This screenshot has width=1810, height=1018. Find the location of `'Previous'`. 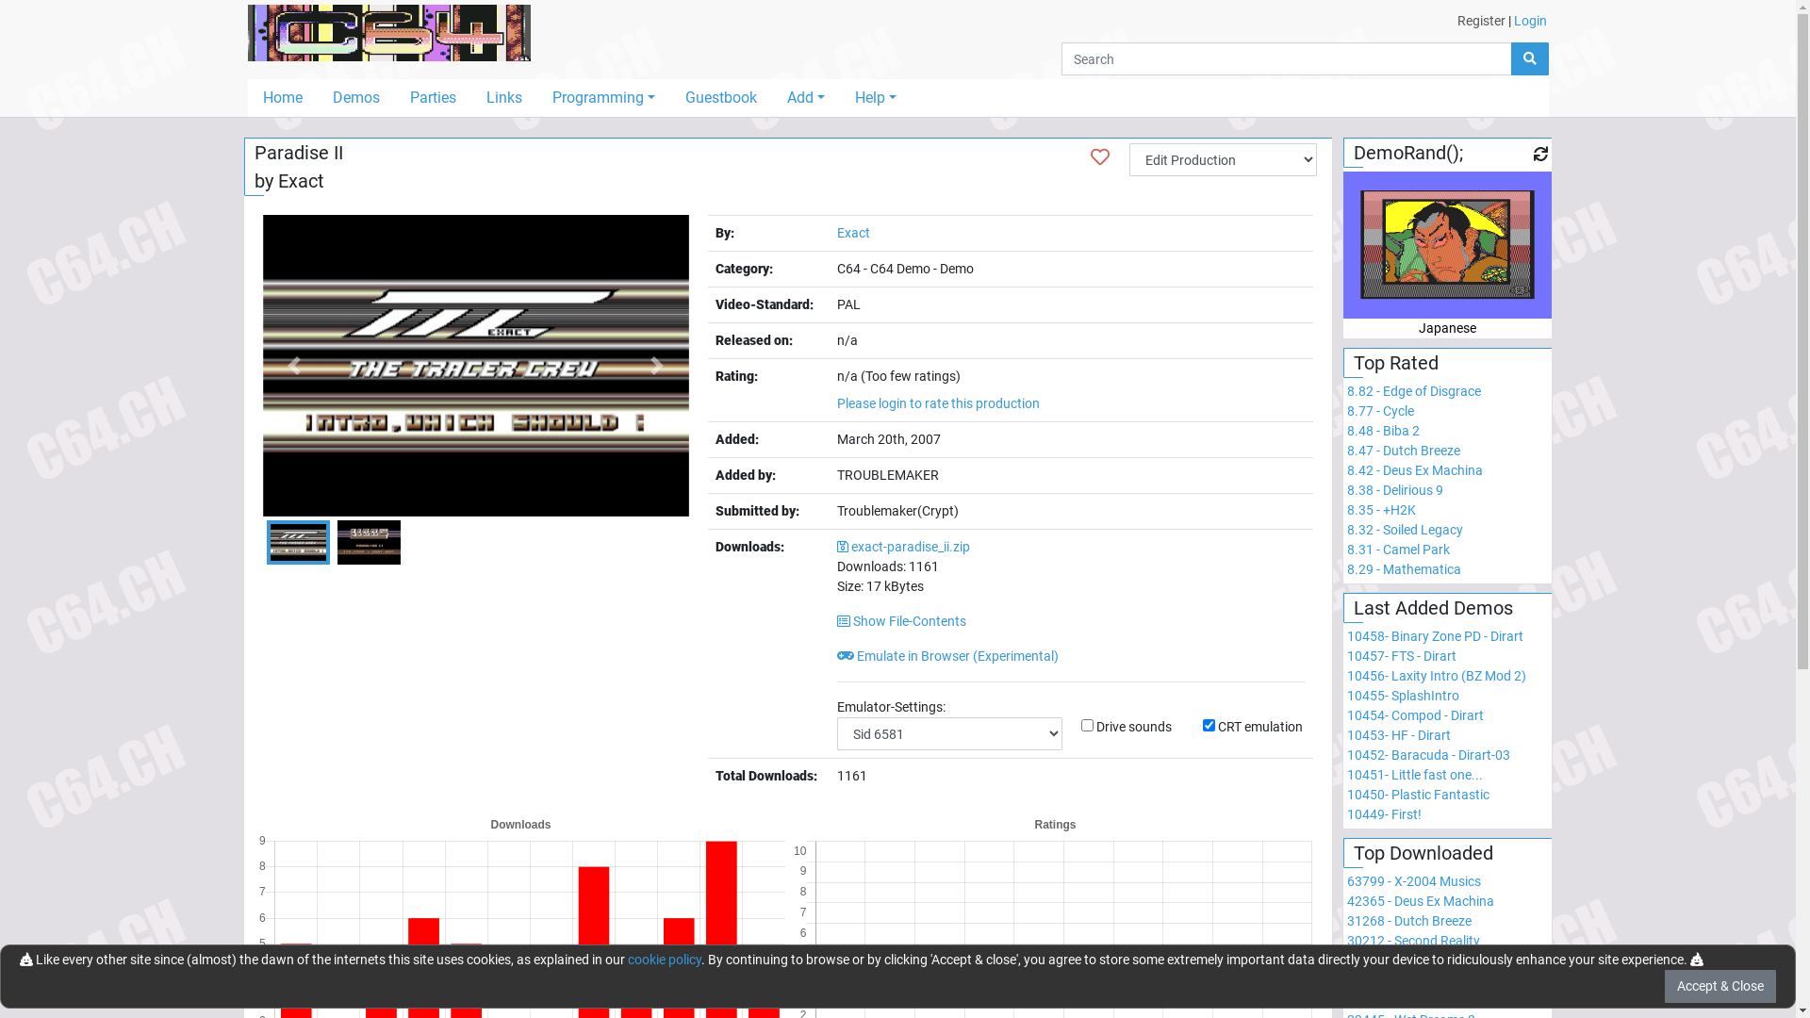

'Previous' is located at coordinates (293, 366).